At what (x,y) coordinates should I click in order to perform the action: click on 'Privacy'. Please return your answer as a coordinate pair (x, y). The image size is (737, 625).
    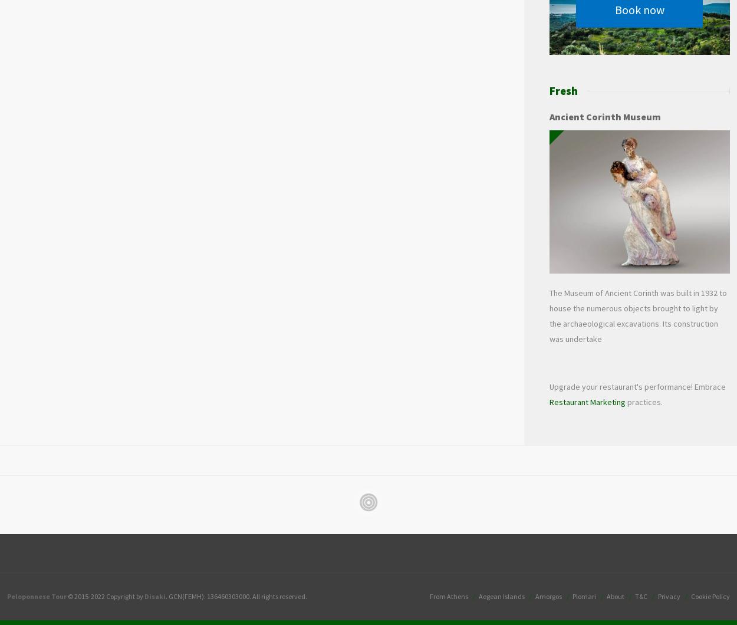
    Looking at the image, I should click on (657, 596).